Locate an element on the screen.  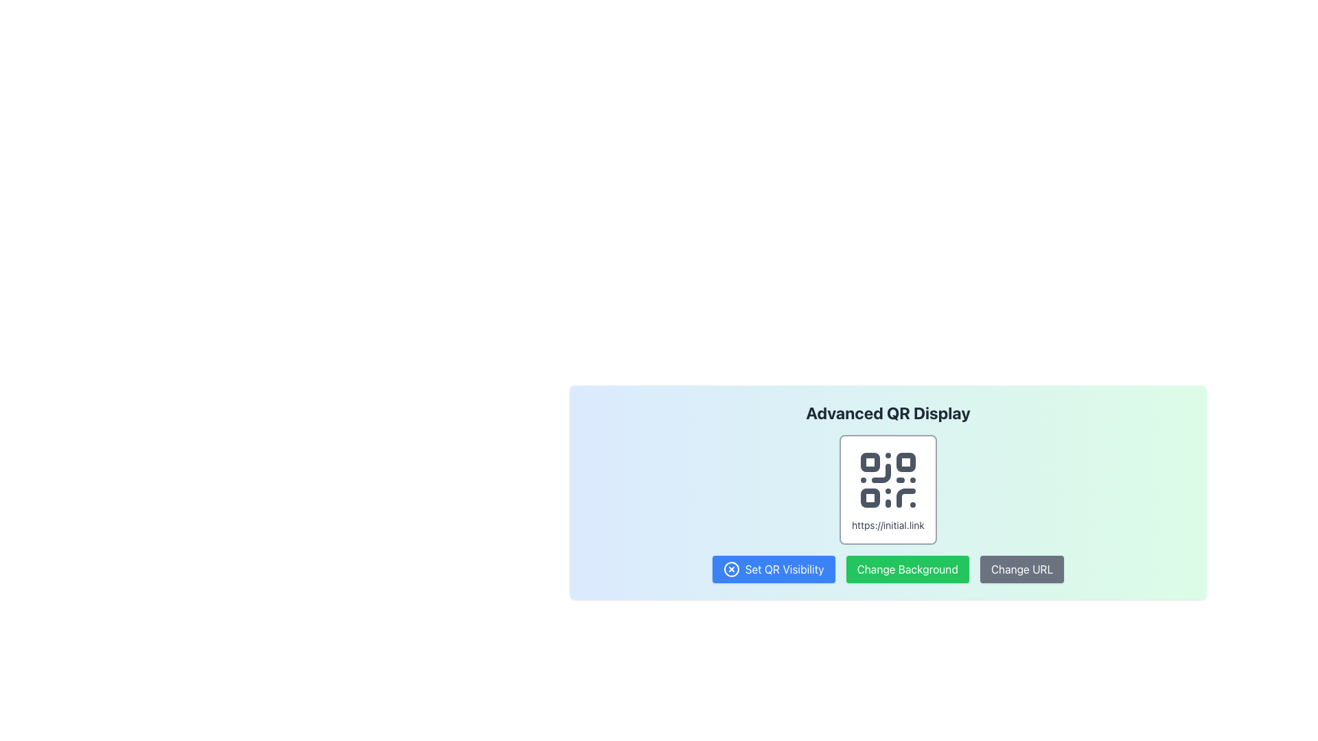
the rightmost button labeled 'Change URL' in the bottom row of buttons is located at coordinates (1021, 569).